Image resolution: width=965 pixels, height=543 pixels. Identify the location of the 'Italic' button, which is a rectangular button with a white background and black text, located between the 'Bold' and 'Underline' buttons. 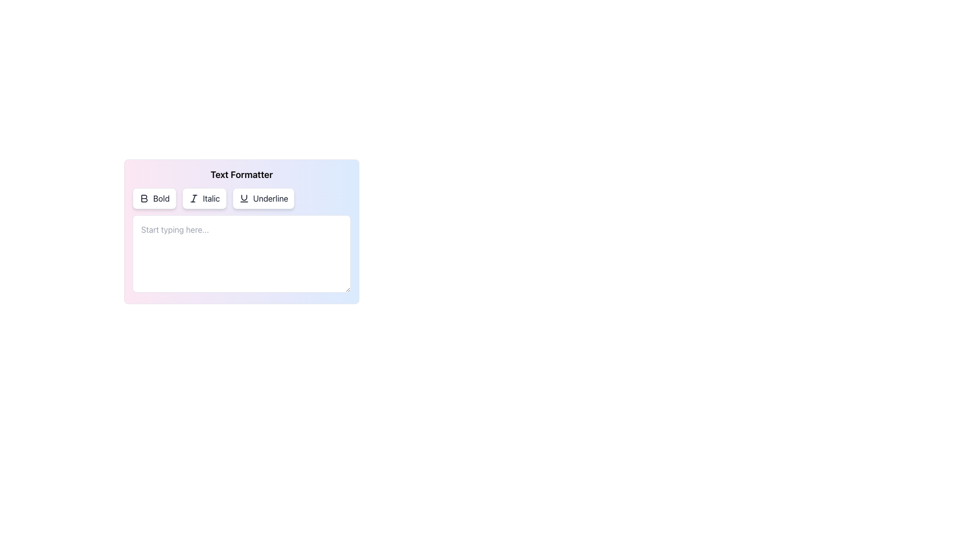
(204, 198).